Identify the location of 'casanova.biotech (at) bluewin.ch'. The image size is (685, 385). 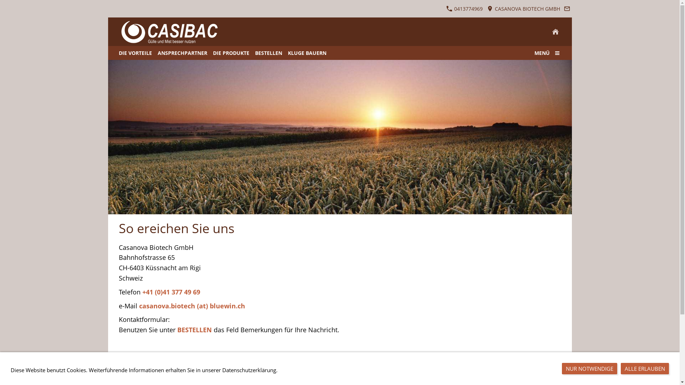
(192, 306).